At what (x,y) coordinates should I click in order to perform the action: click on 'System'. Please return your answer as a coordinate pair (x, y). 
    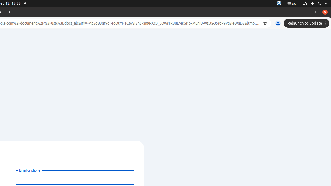
    Looking at the image, I should click on (315, 3).